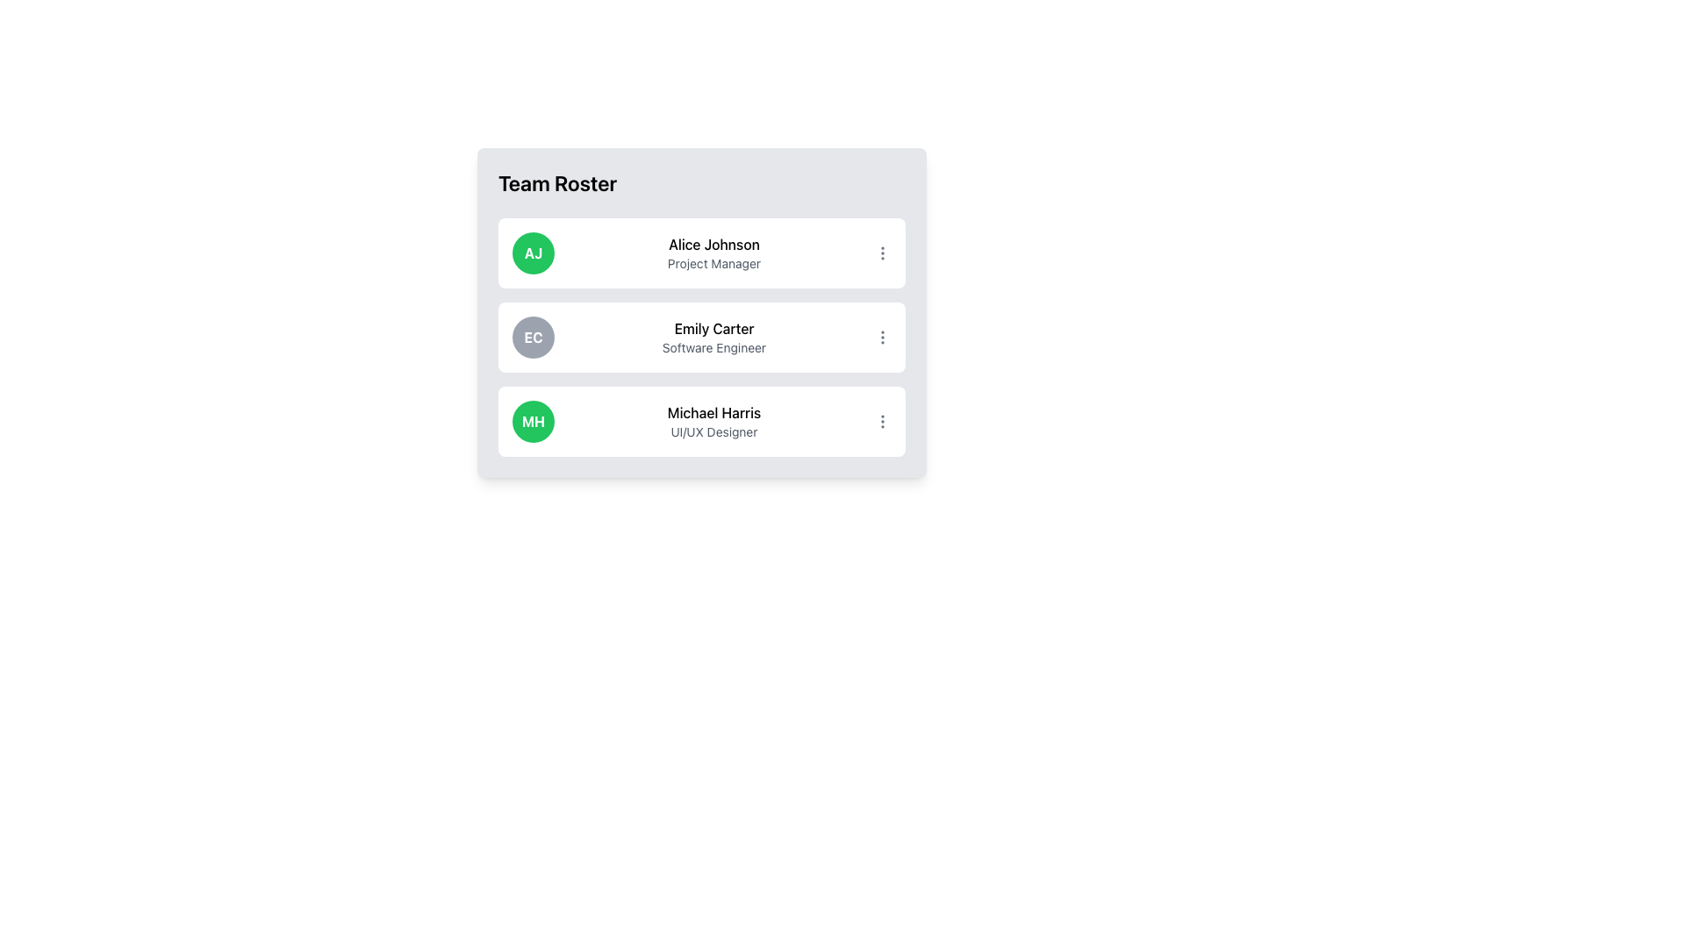 The image size is (1685, 947). Describe the element at coordinates (714, 348) in the screenshot. I see `text content of the 'Software Engineer' label, which is styled in a small-sized font and located below 'Emily Carter' in the Team Roster interface` at that location.